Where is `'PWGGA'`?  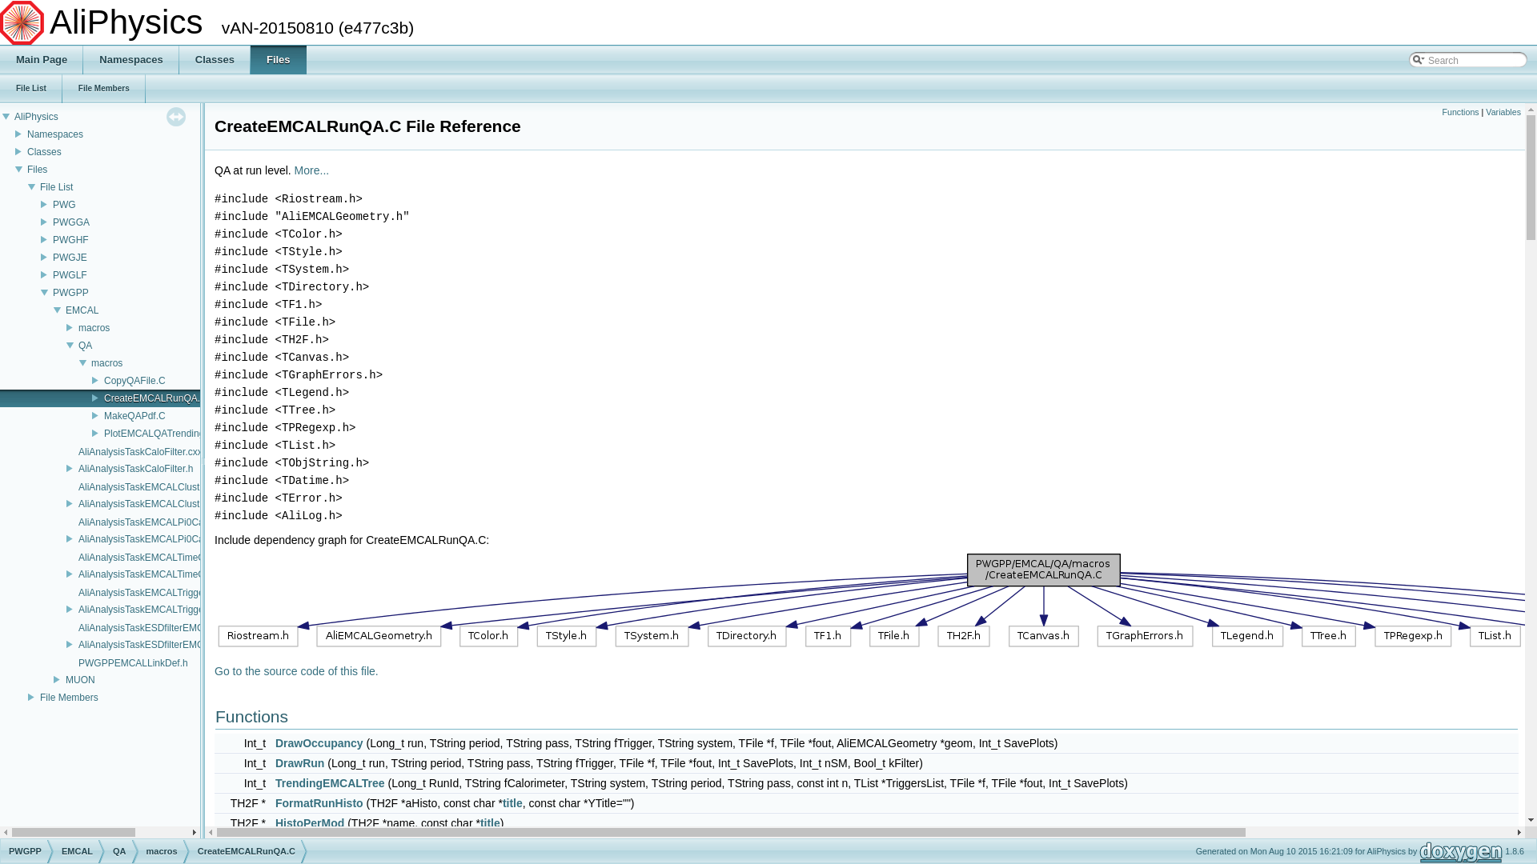 'PWGGA' is located at coordinates (70, 222).